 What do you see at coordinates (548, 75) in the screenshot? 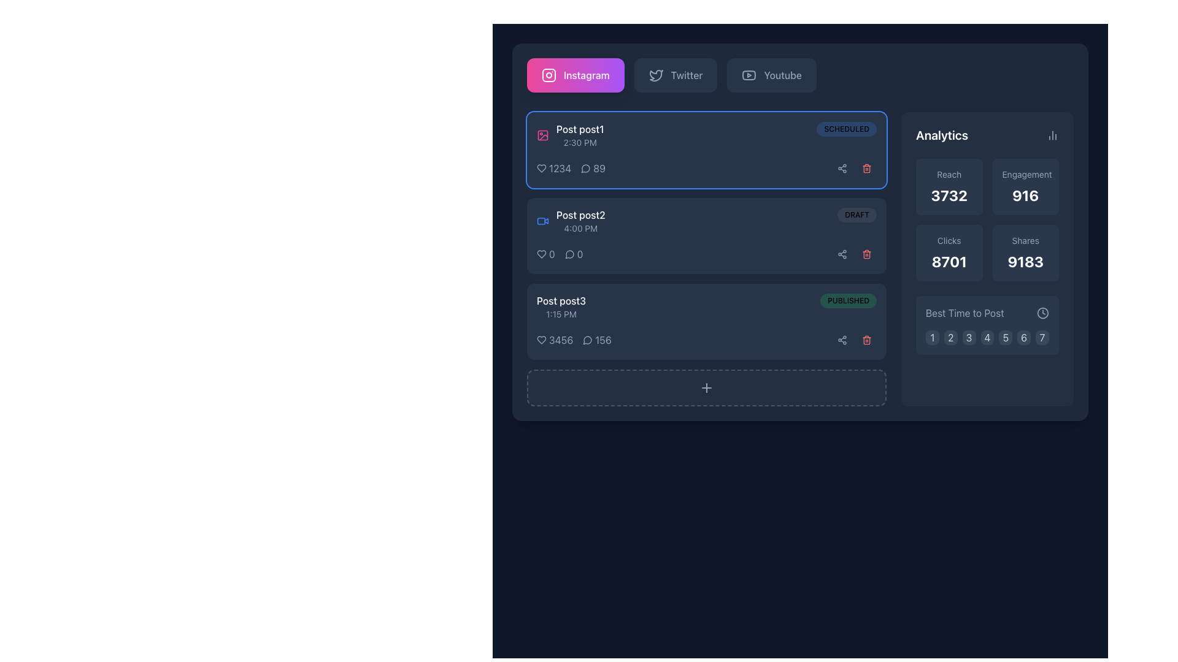
I see `the visual representation of the small rounded rectangle icon located within the Instagram icon, positioned in the top-left corner of the interface` at bounding box center [548, 75].